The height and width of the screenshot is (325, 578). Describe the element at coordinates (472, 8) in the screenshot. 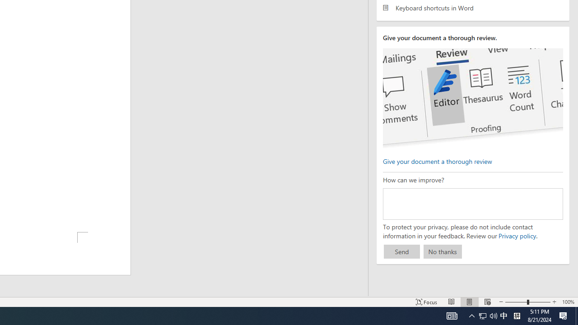

I see `'Keyboard shortcuts in Word'` at that location.